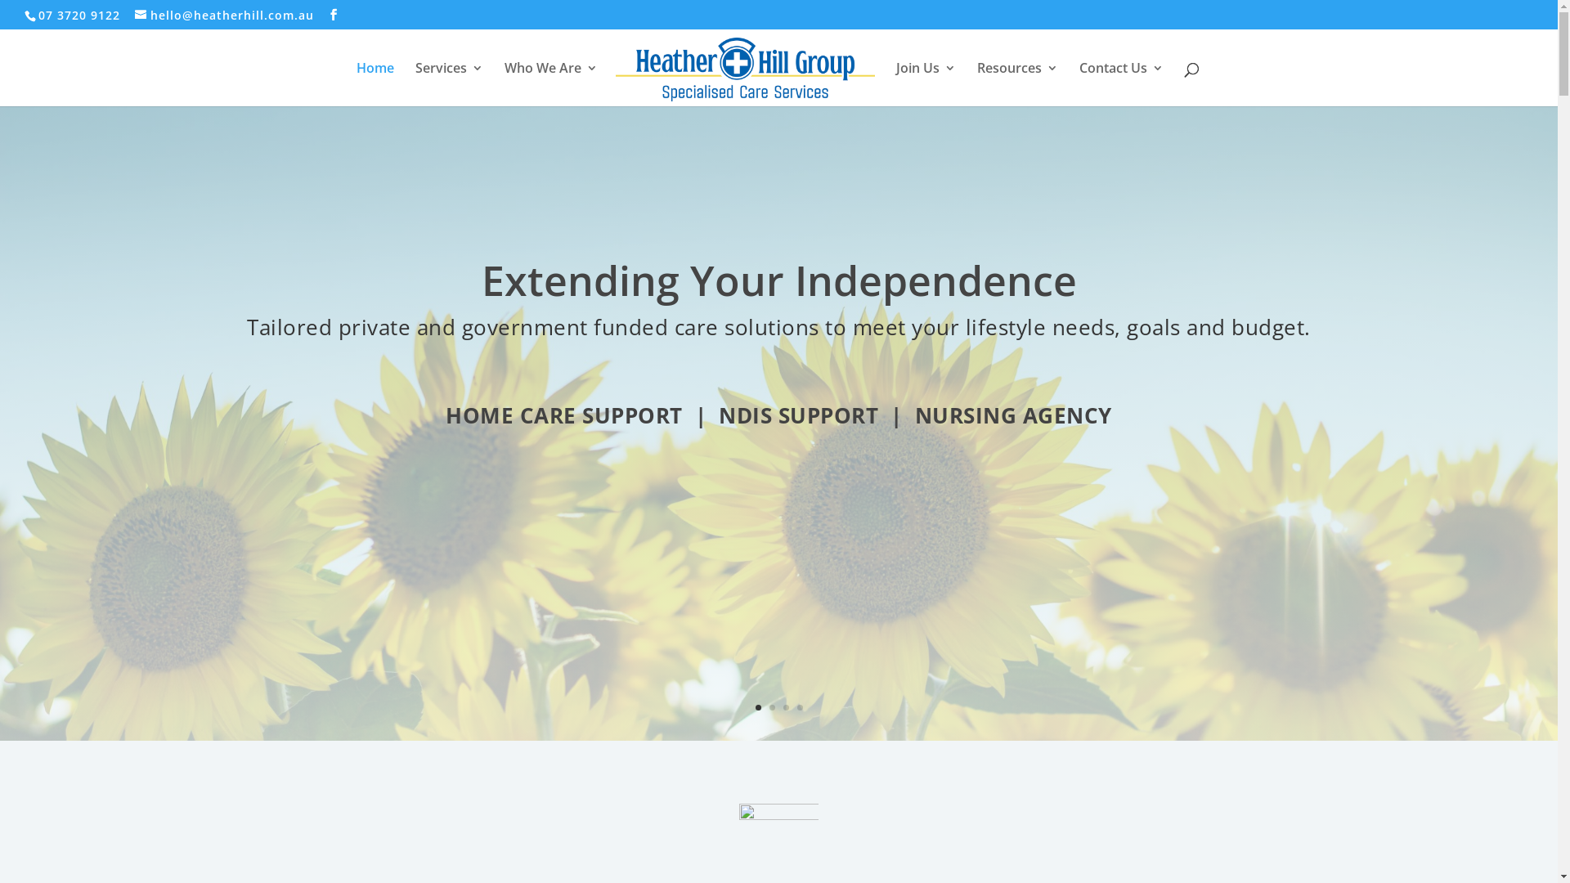  Describe the element at coordinates (1120, 84) in the screenshot. I see `'Contact Us'` at that location.